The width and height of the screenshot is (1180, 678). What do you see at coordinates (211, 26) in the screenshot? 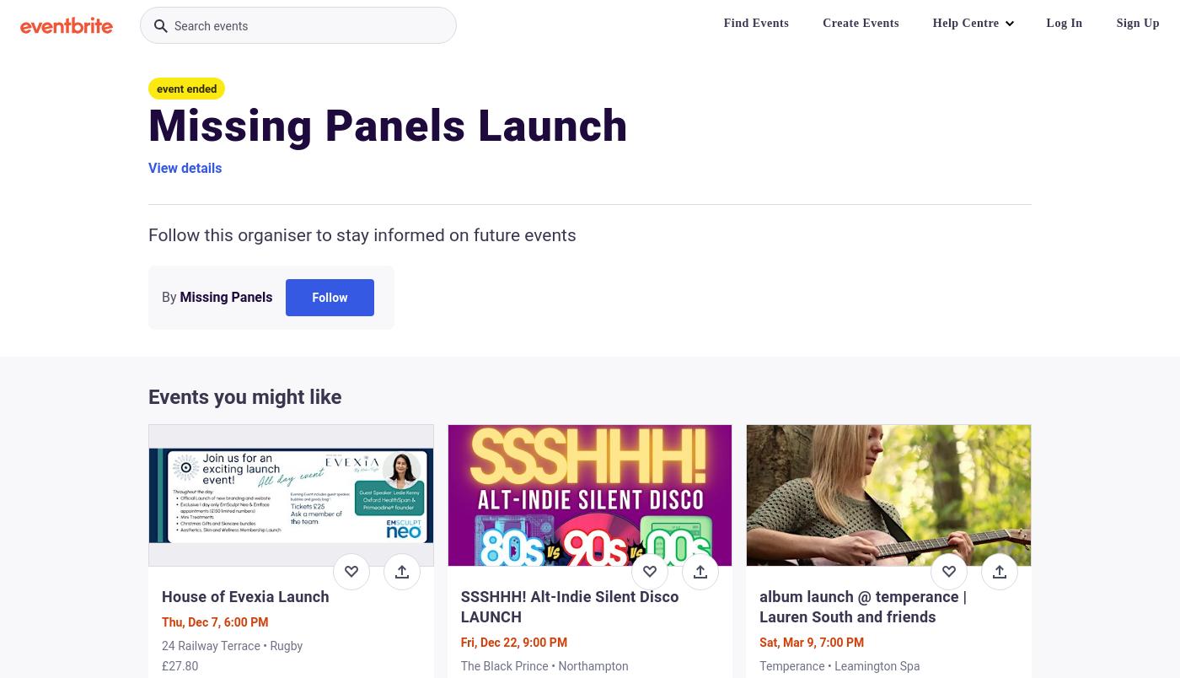
I see `'Search events'` at bounding box center [211, 26].